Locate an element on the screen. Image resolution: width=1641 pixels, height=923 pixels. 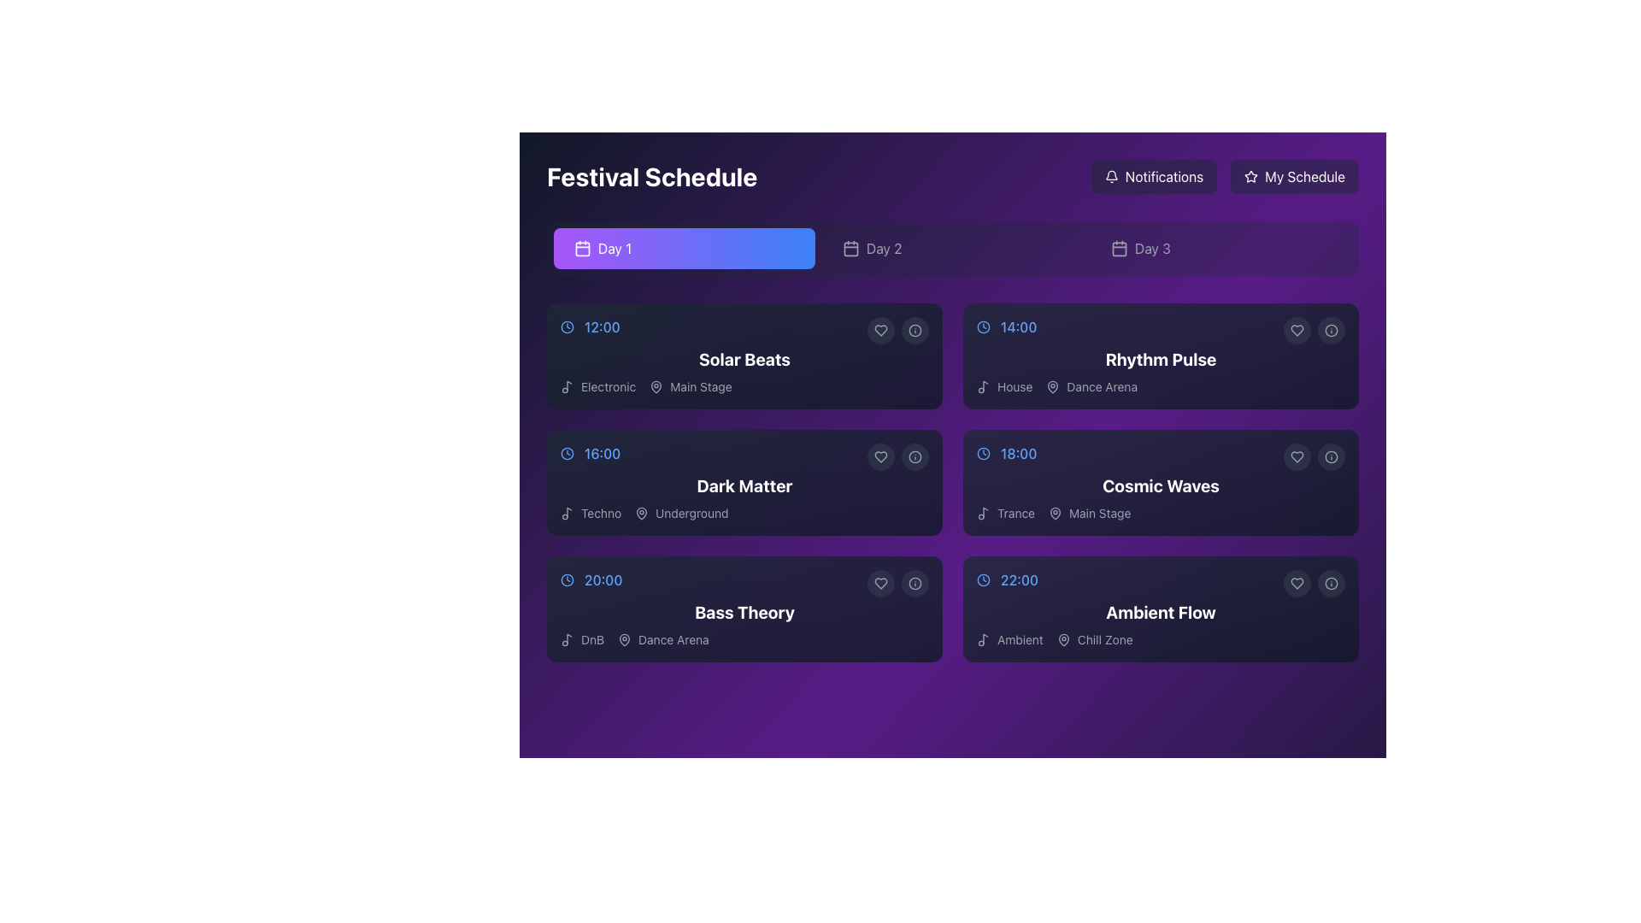
the text label indicating 'Electronic' music genre in the 'Solar Beats' event block, positioned under the time '12:00' and above the venue information is located at coordinates (609, 386).